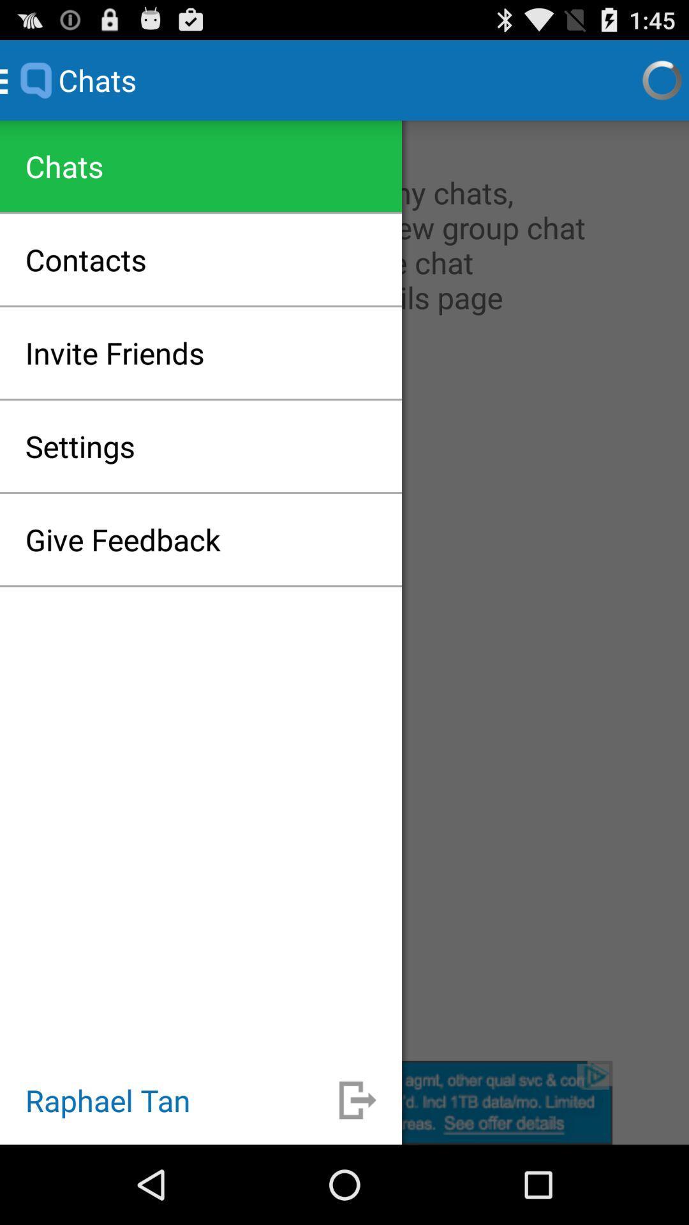  Describe the element at coordinates (344, 590) in the screenshot. I see `the chat options` at that location.